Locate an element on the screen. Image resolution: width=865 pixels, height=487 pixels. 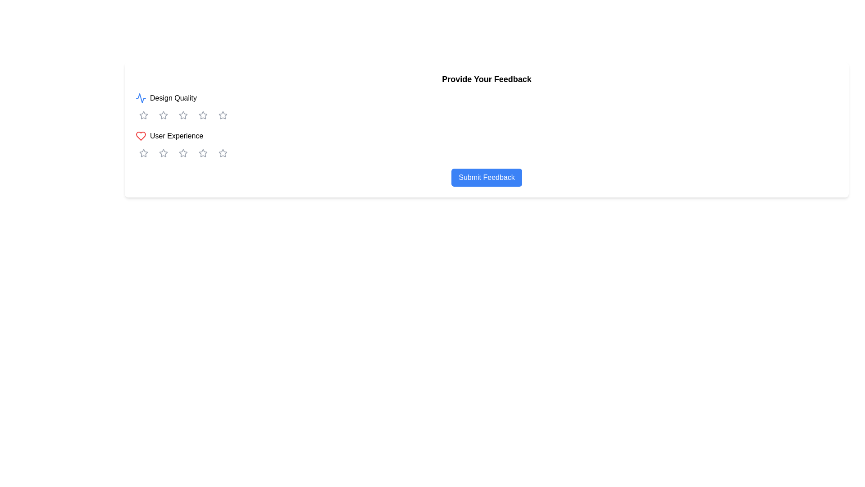
the fifth rating star in the second row under the 'User Experience' category is located at coordinates (223, 152).